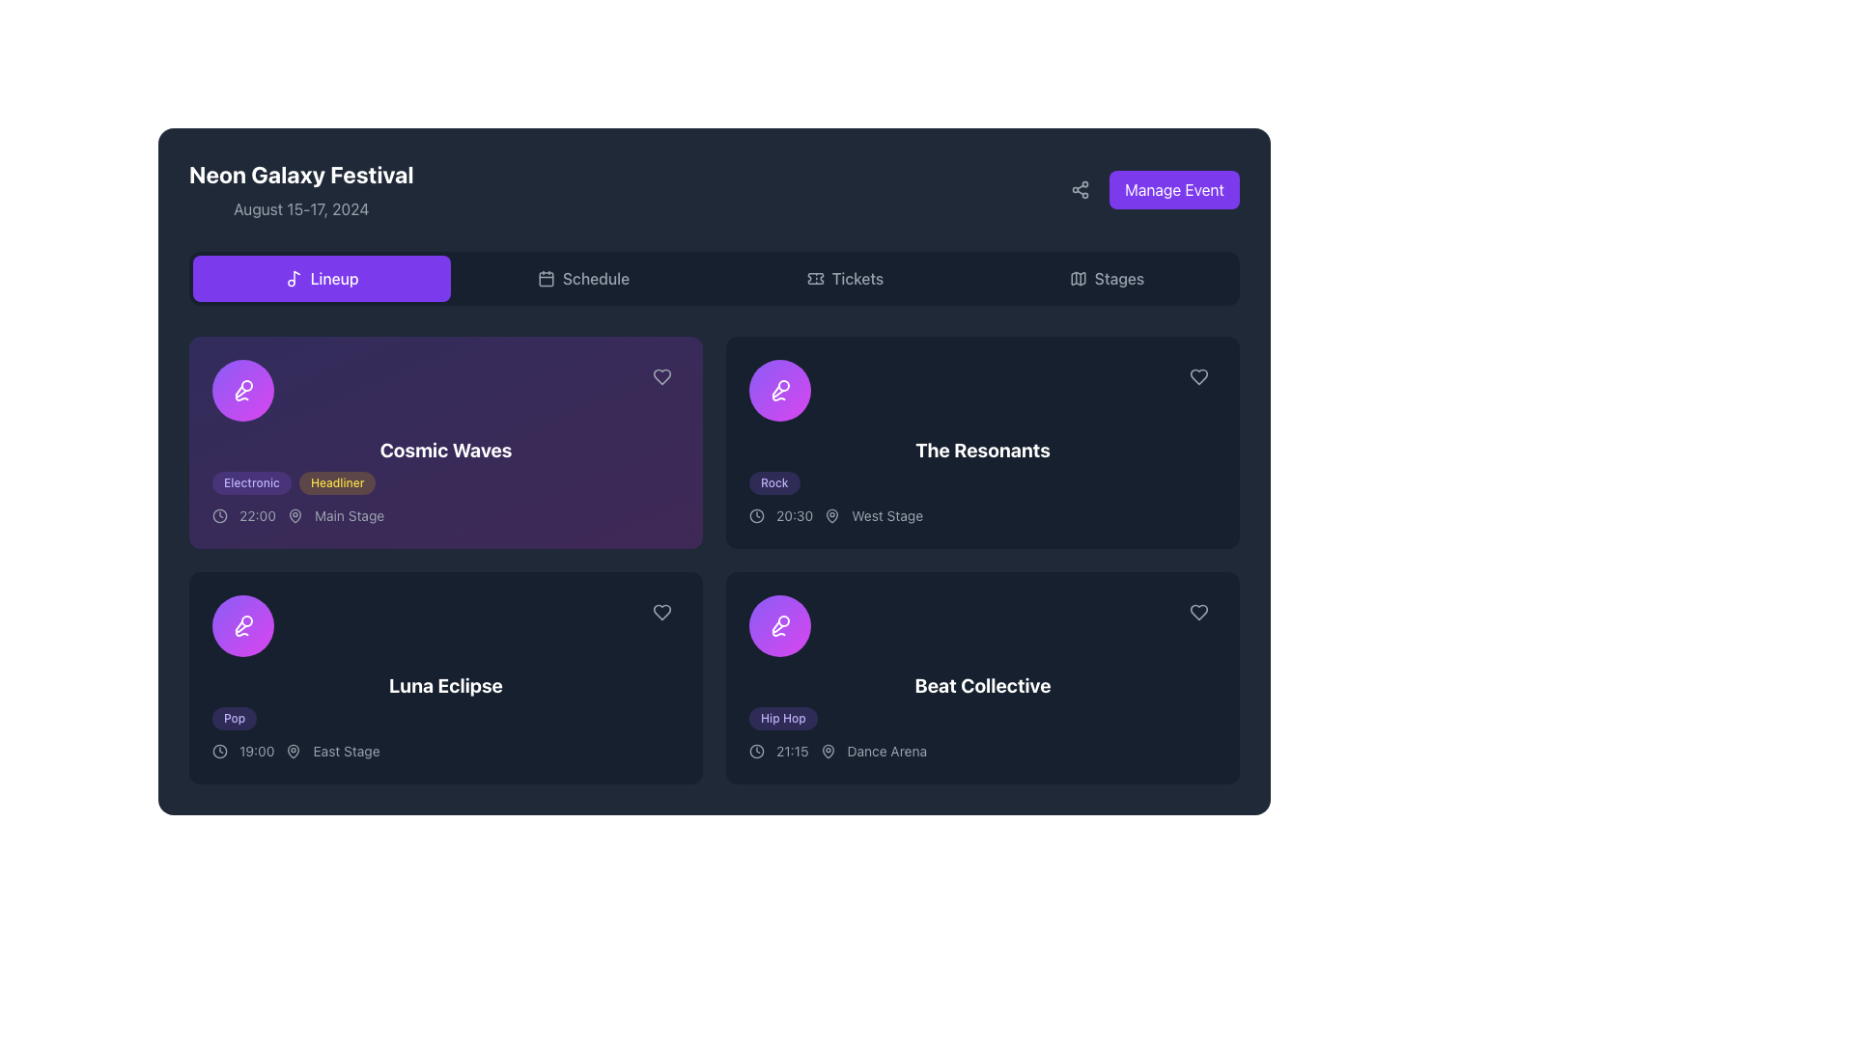 This screenshot has width=1854, height=1042. What do you see at coordinates (779, 625) in the screenshot?
I see `the 'Beat Collective' icon located in the bottom right section of the panel, next to the text 'Beat Collective'` at bounding box center [779, 625].